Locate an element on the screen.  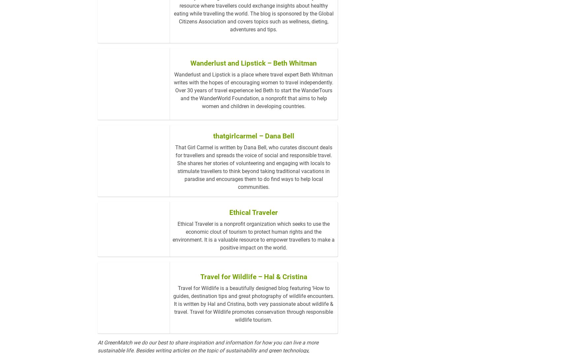
'Ethical Traveler' is located at coordinates (253, 238).